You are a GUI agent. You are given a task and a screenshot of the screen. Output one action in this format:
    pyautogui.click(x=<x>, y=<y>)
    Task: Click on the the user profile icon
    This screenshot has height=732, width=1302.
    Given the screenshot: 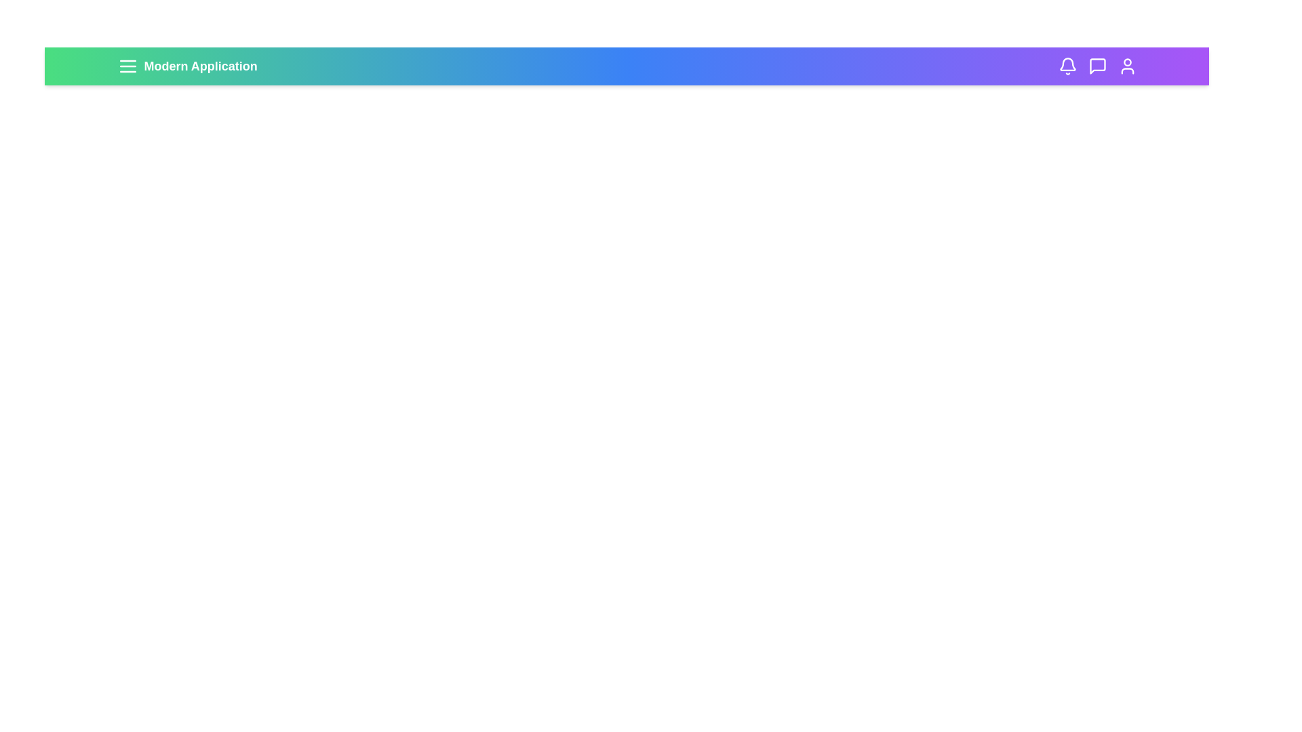 What is the action you would take?
    pyautogui.click(x=1127, y=66)
    